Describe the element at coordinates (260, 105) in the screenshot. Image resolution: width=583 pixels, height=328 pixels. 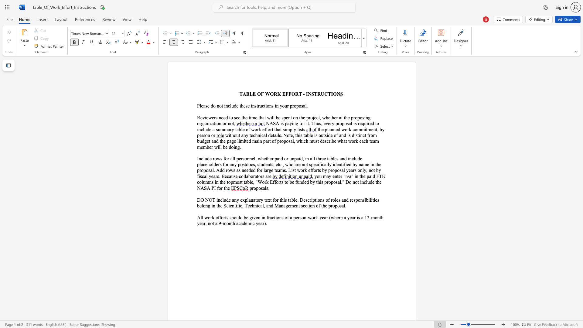
I see `the space between the continuous character "r" and "u" in the text` at that location.